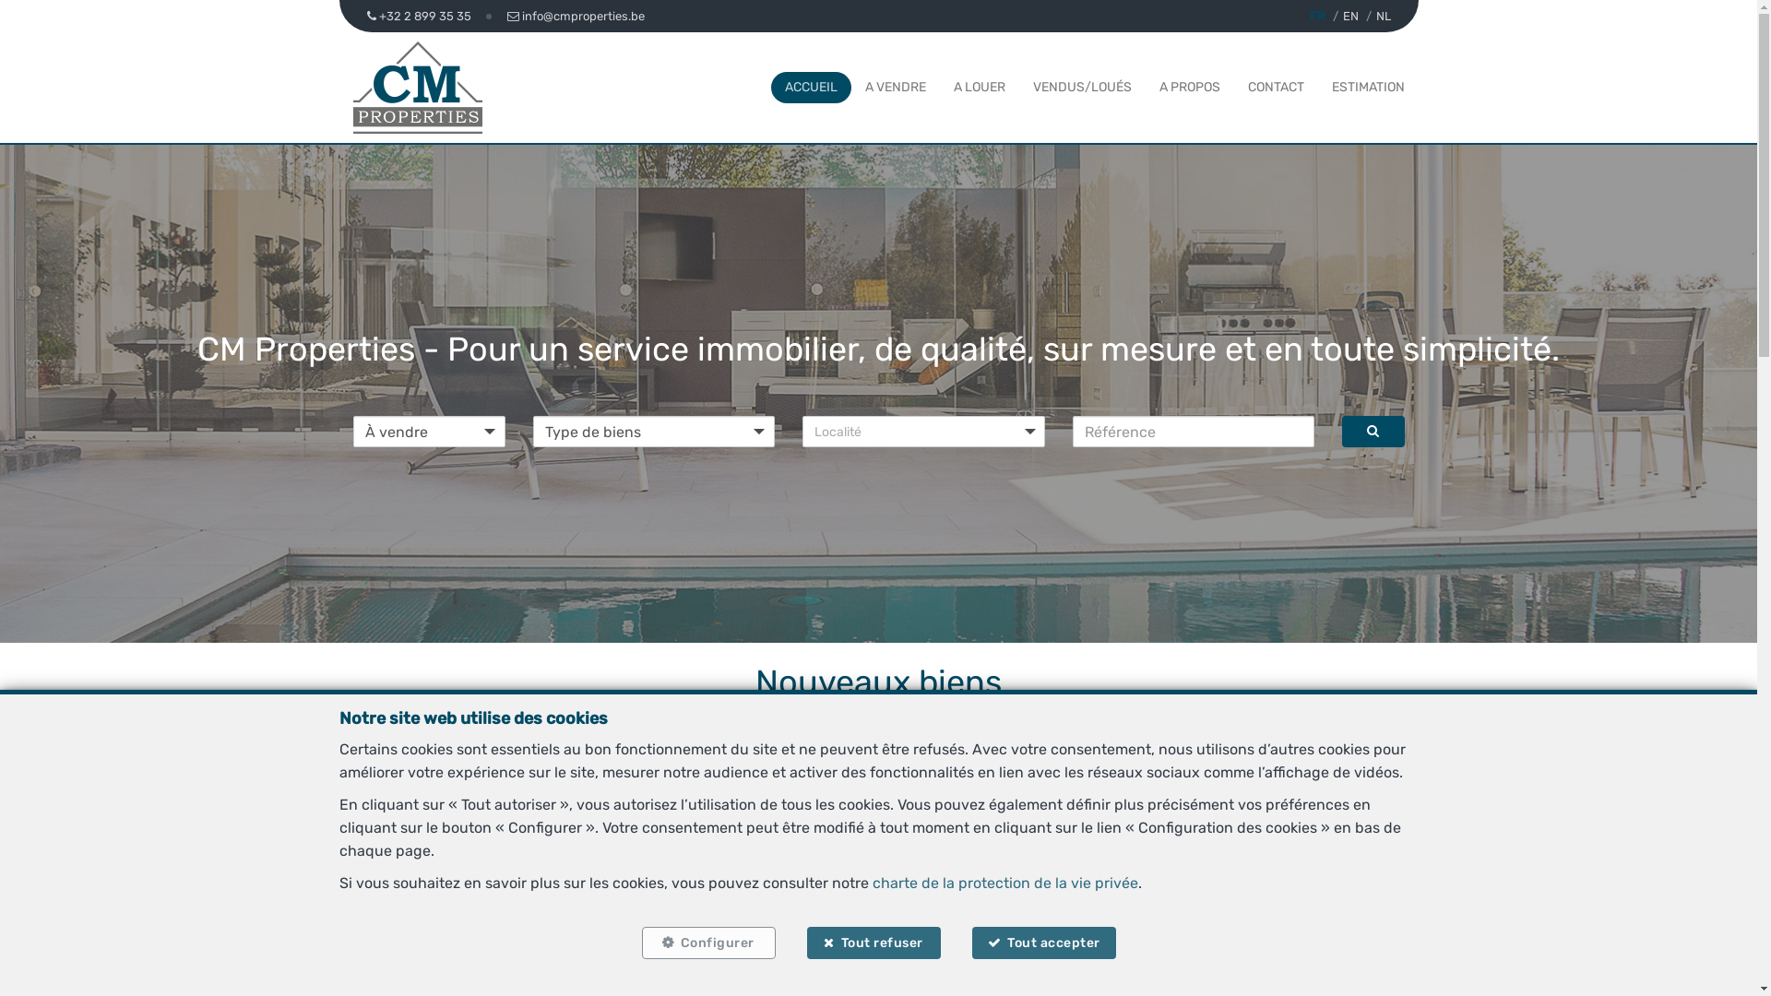 The image size is (1771, 996). I want to click on 'A PROPOS', so click(1189, 87).